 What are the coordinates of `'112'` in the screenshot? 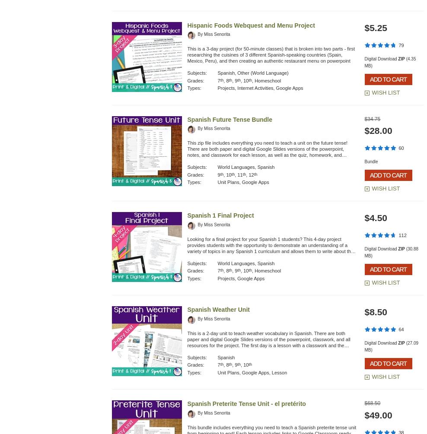 It's located at (402, 235).